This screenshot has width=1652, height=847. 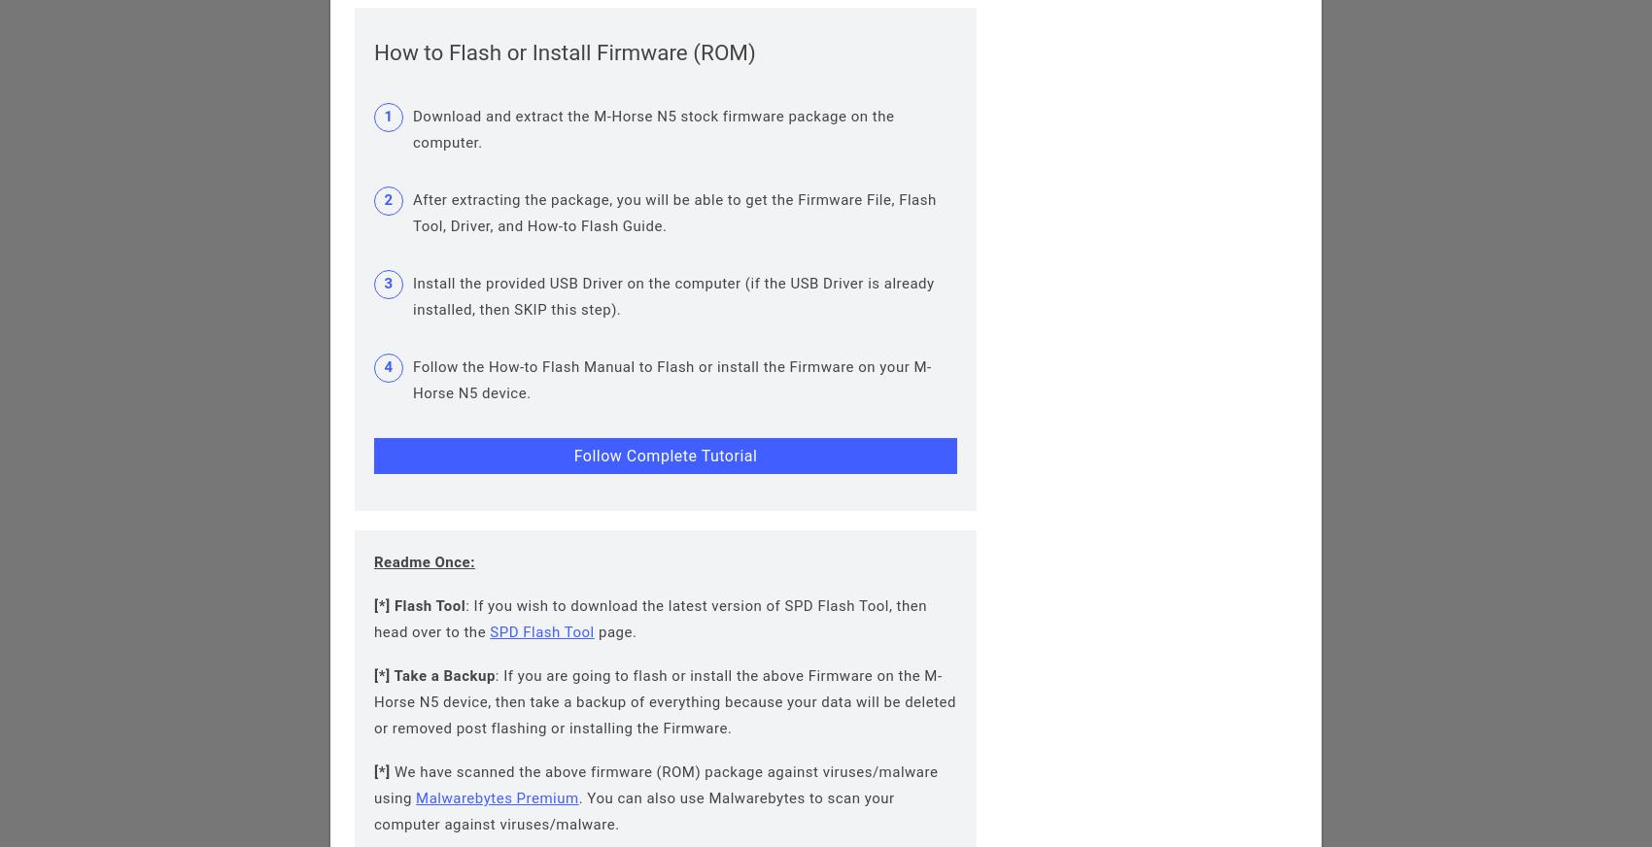 I want to click on 'After extracting the package, you will be able to get the Firmware File, Flash Tool, Driver, and How-to Flash Guide.', so click(x=673, y=212).